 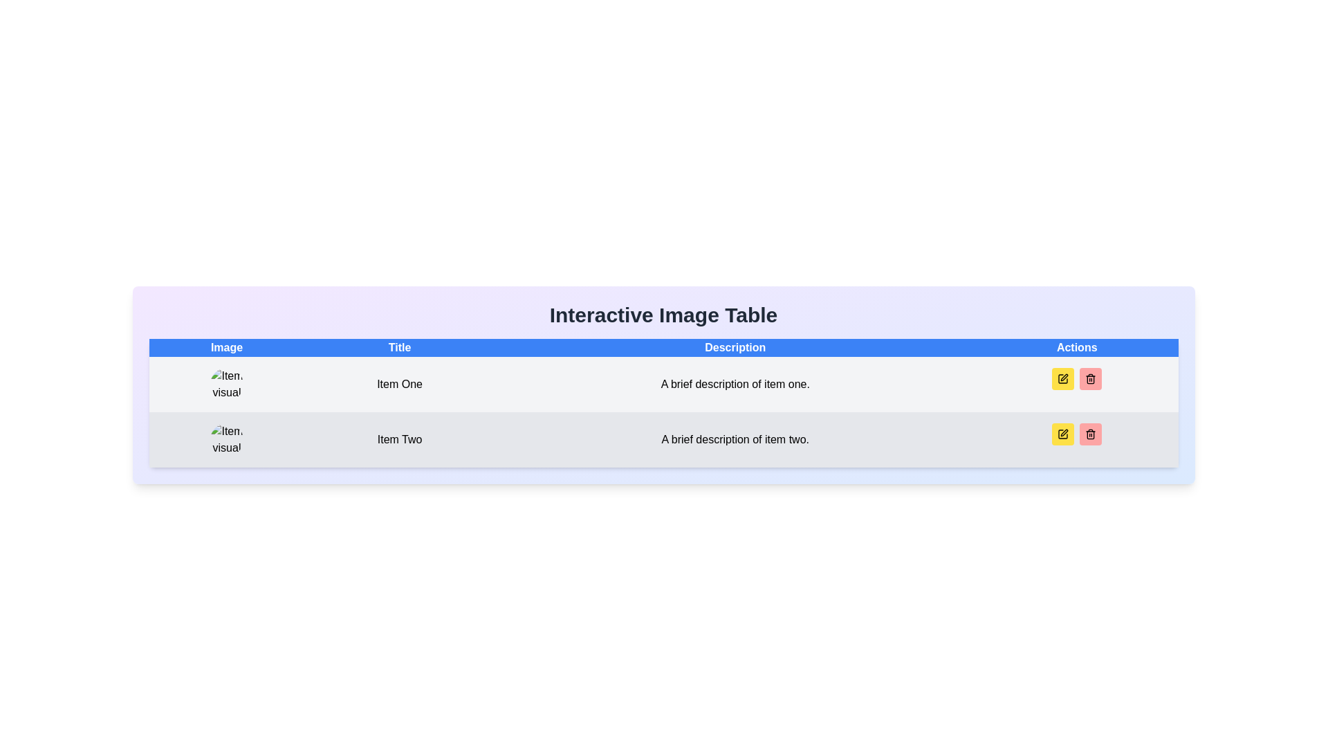 What do you see at coordinates (226, 440) in the screenshot?
I see `the circular image element located in the second row of the table under the 'Image' column, aligned with the 'Item Two' entry` at bounding box center [226, 440].